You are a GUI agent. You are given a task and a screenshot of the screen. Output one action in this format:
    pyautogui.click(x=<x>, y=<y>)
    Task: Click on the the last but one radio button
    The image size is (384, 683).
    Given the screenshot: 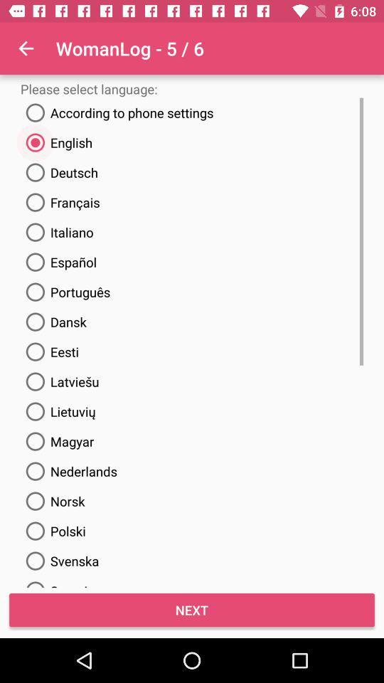 What is the action you would take?
    pyautogui.click(x=53, y=530)
    